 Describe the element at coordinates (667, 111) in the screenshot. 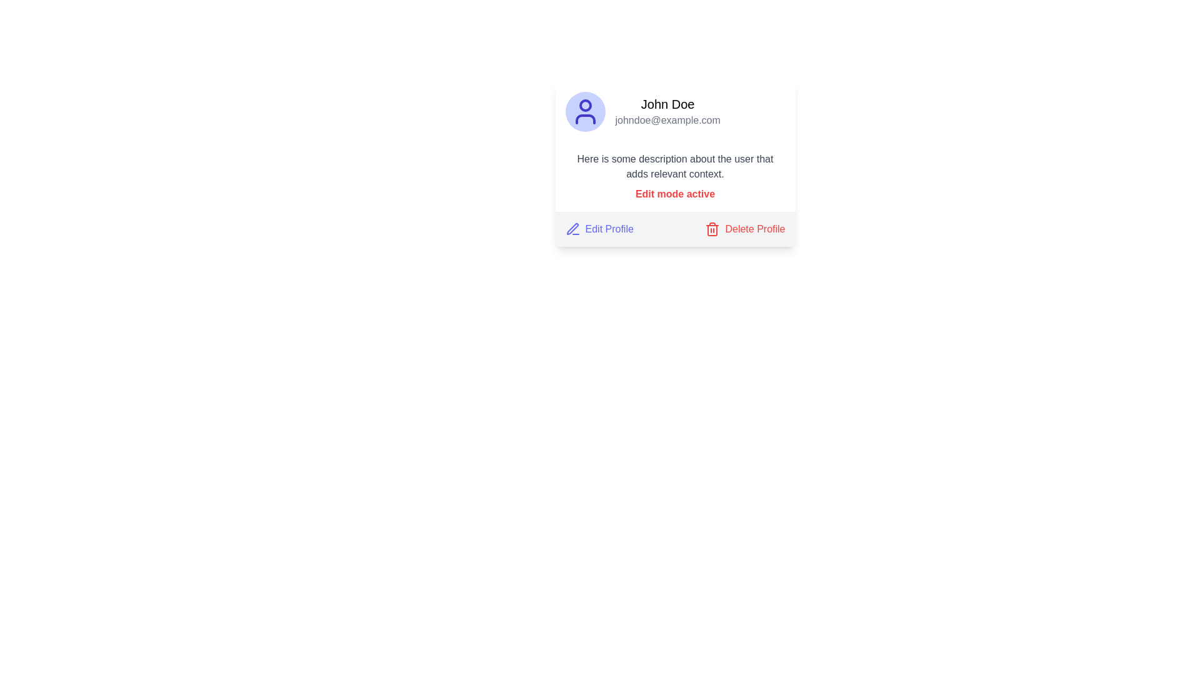

I see `the Text display block that shows the user's name and email information, located in the top-right section of the card layout, right of the circular profile icon` at that location.